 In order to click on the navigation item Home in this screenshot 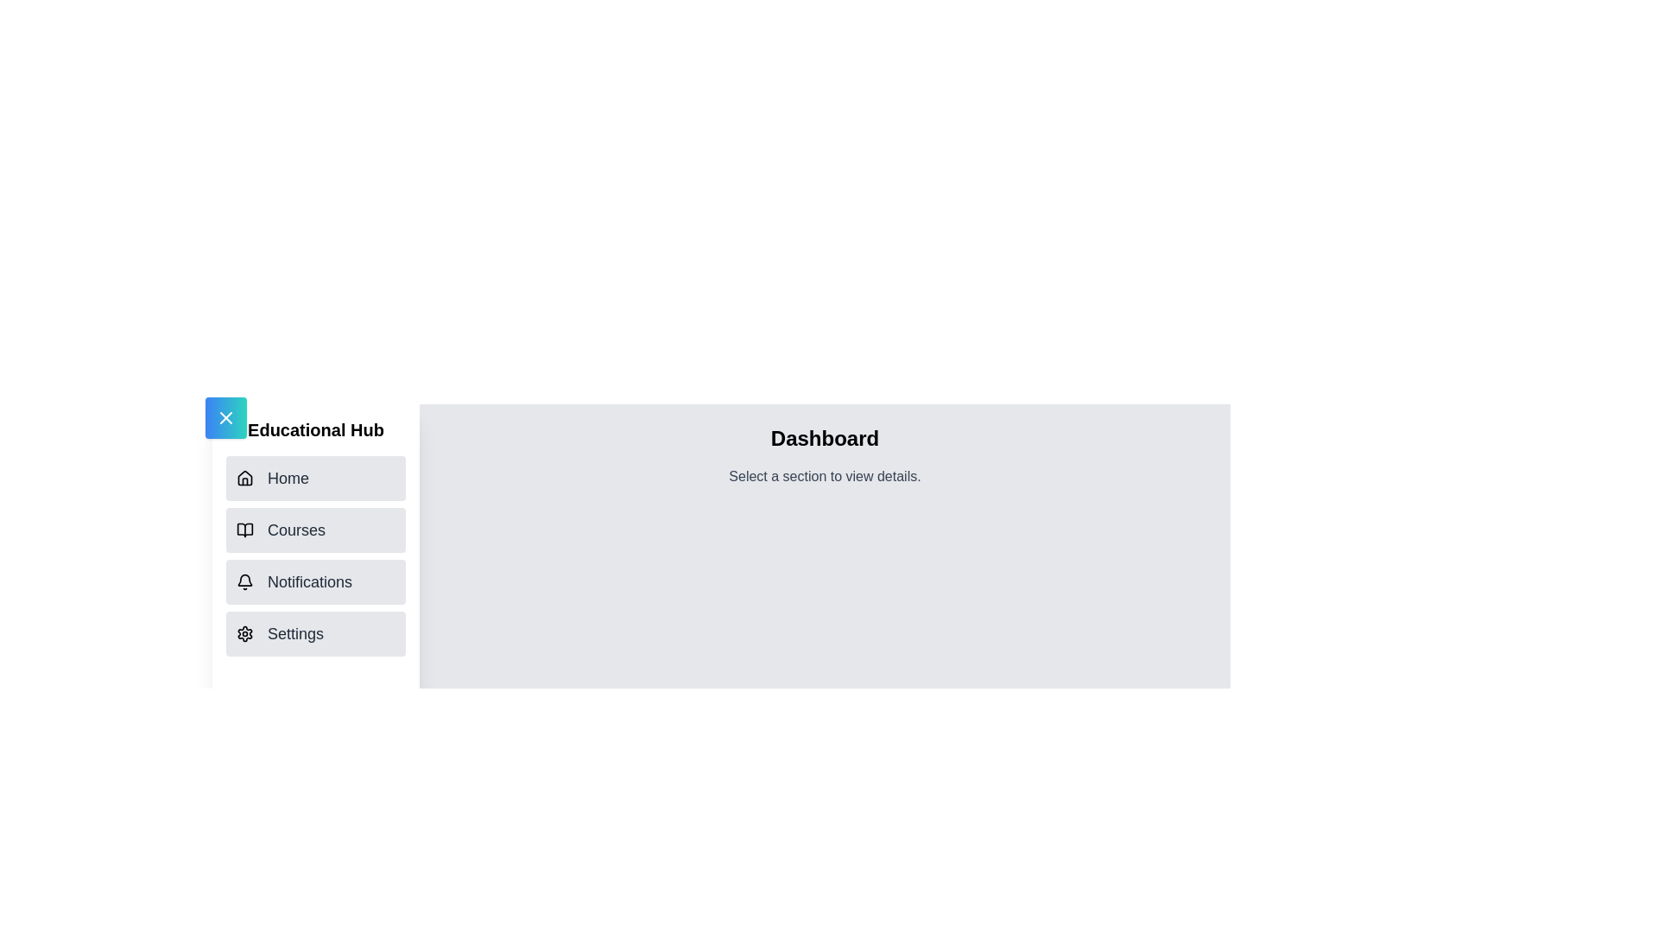, I will do `click(315, 479)`.